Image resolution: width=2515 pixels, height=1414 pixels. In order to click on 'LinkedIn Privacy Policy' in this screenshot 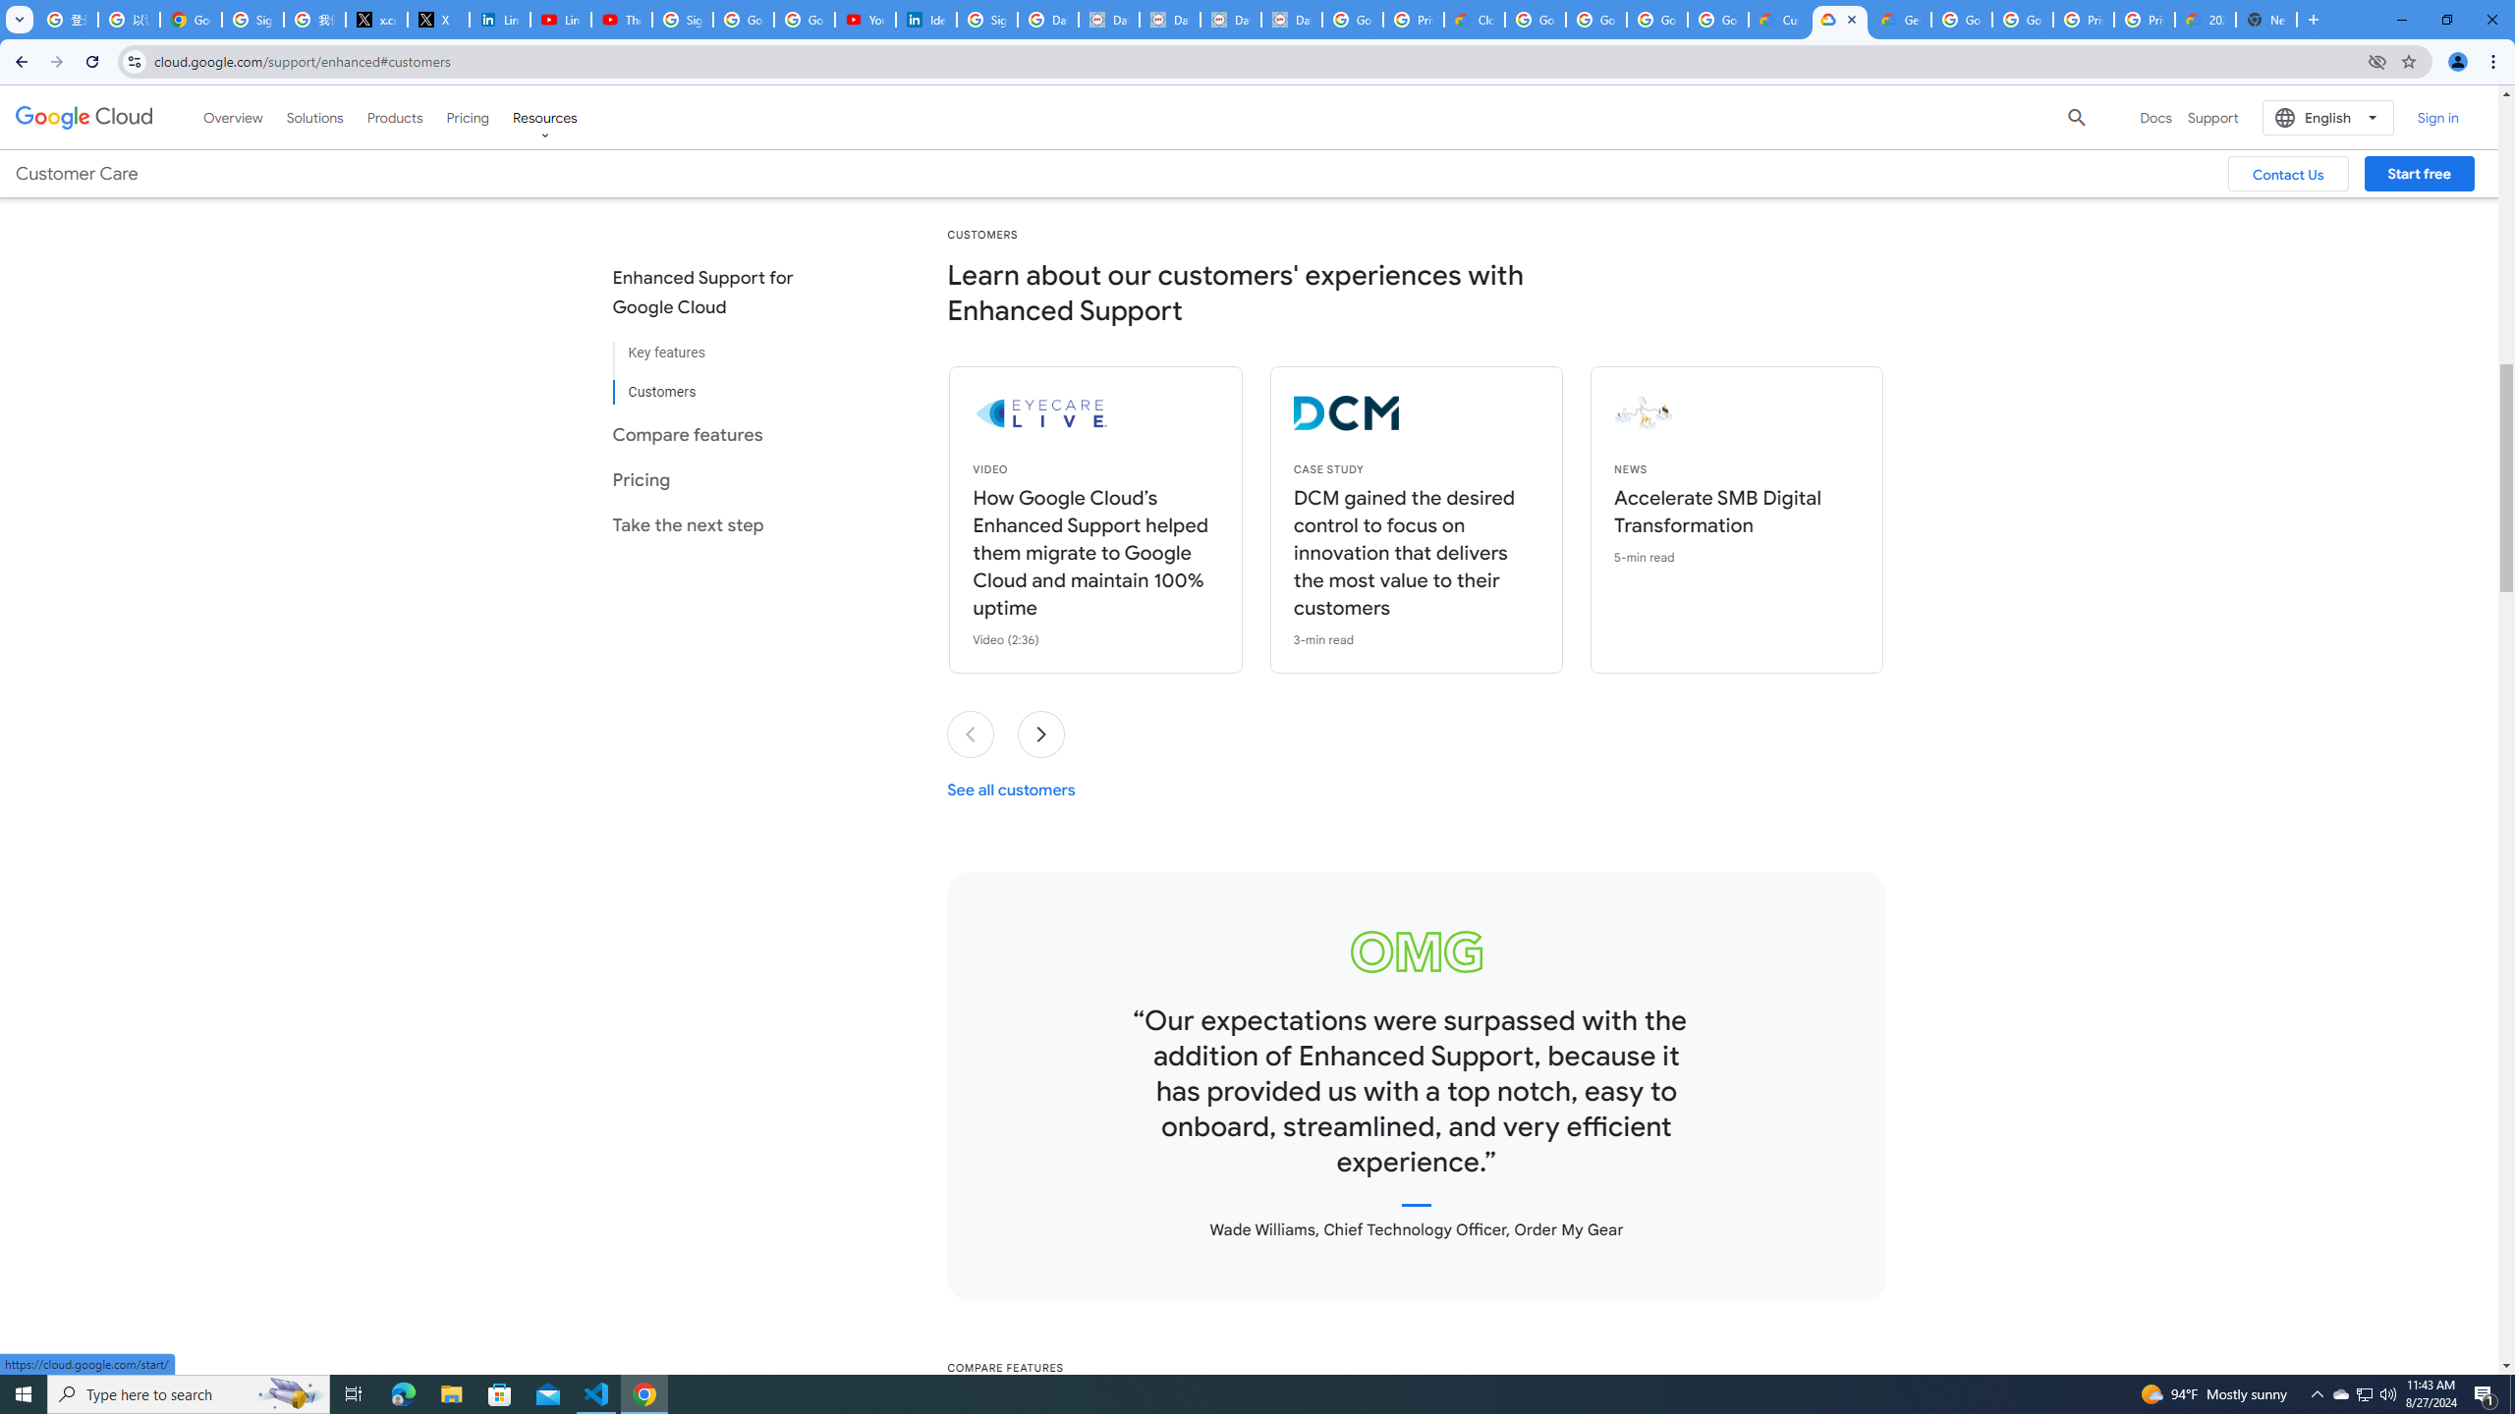, I will do `click(498, 19)`.